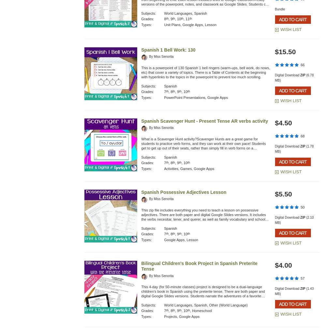 The height and width of the screenshot is (328, 322). I want to click on '(2.10 MB)', so click(294, 220).